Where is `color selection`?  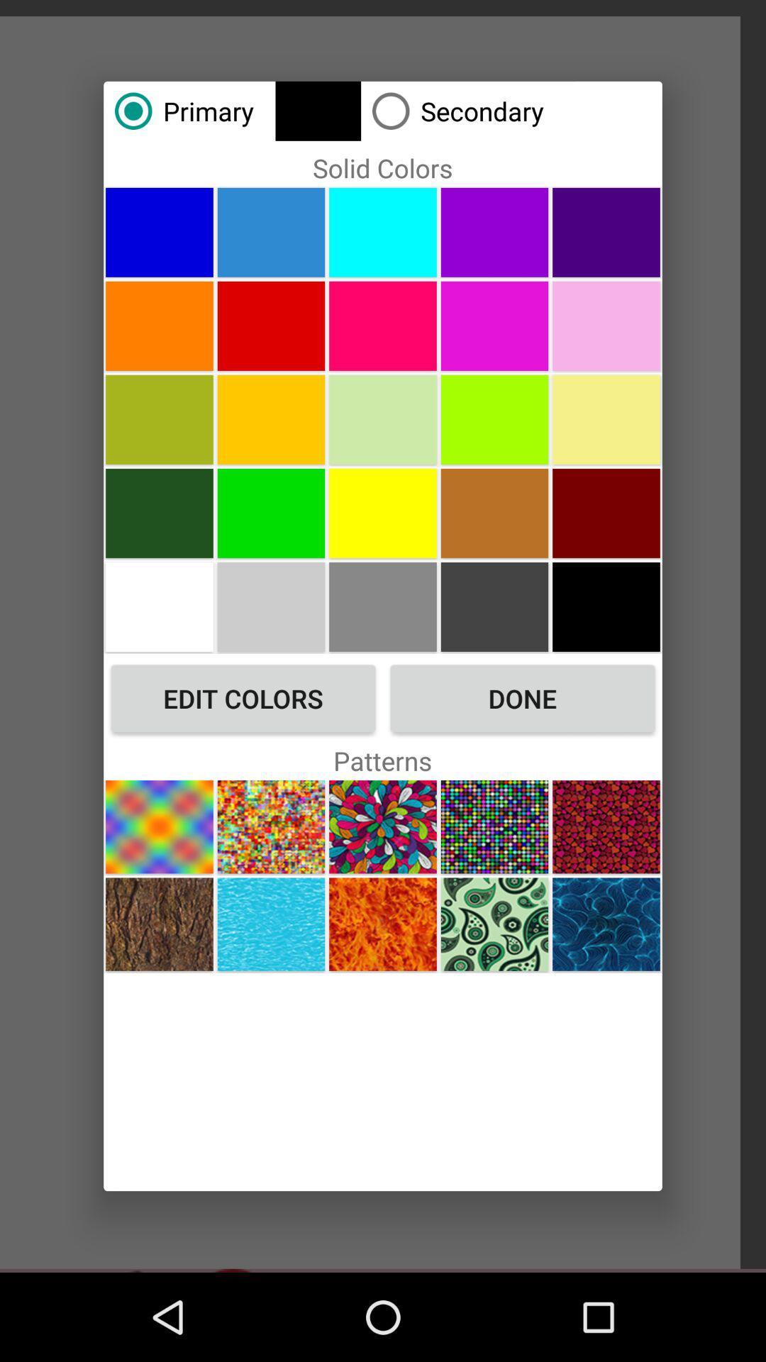 color selection is located at coordinates (159, 232).